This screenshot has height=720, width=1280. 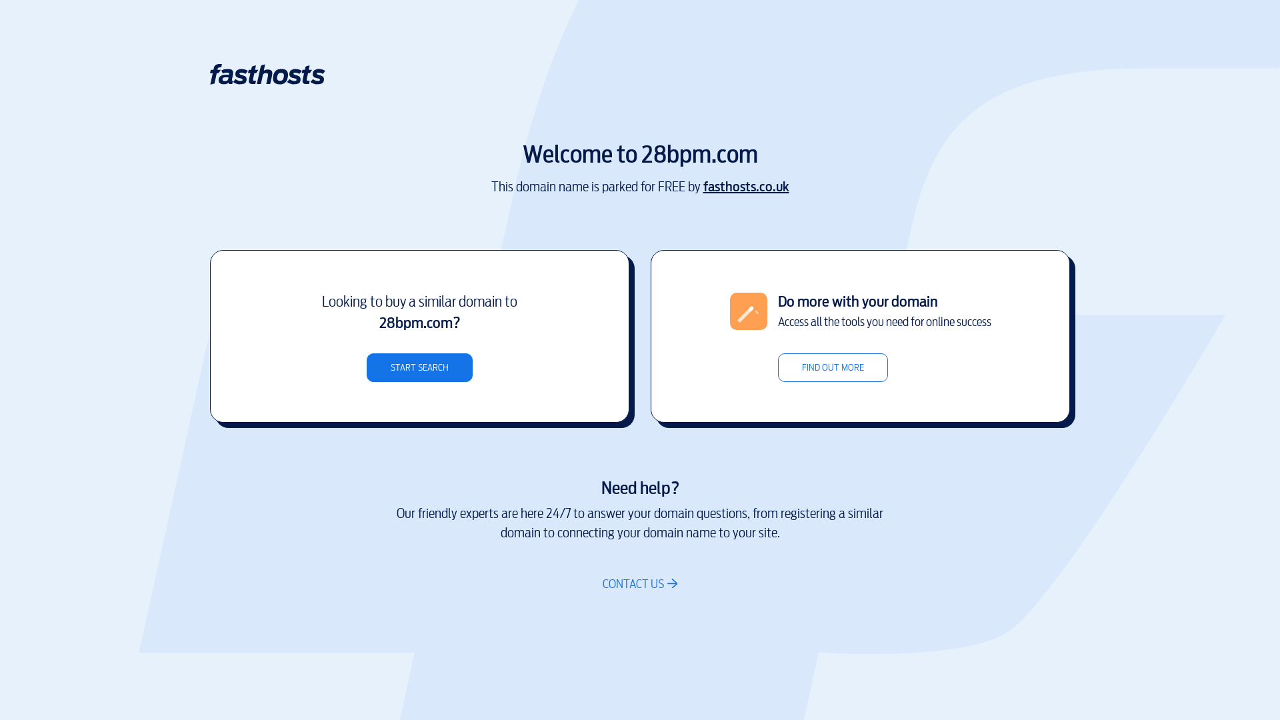 I want to click on 'START SEARCH', so click(x=419, y=367).